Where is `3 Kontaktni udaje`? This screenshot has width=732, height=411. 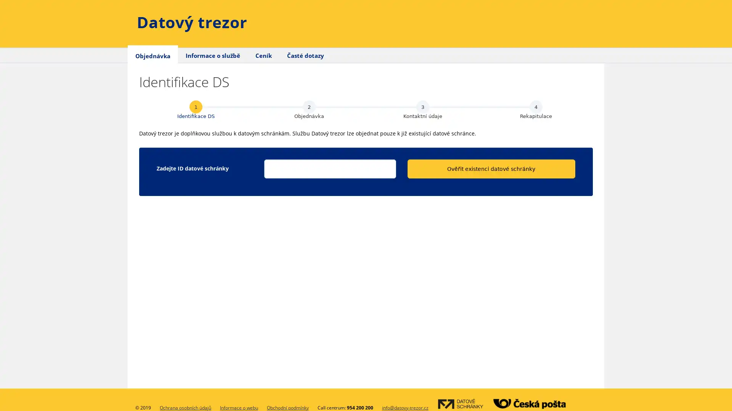
3 Kontaktni udaje is located at coordinates (422, 109).